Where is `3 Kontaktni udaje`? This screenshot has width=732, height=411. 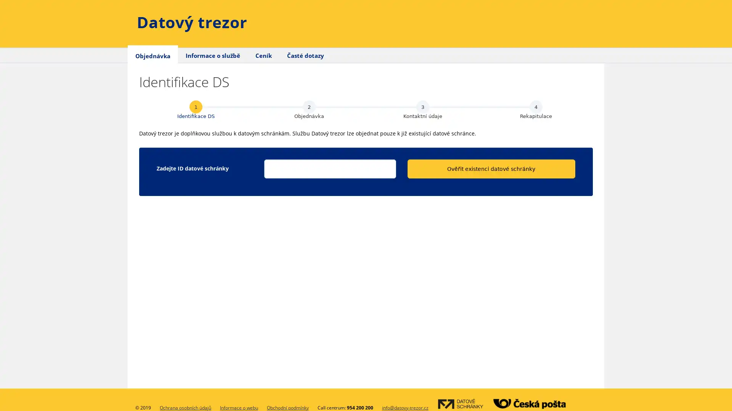
3 Kontaktni udaje is located at coordinates (422, 109).